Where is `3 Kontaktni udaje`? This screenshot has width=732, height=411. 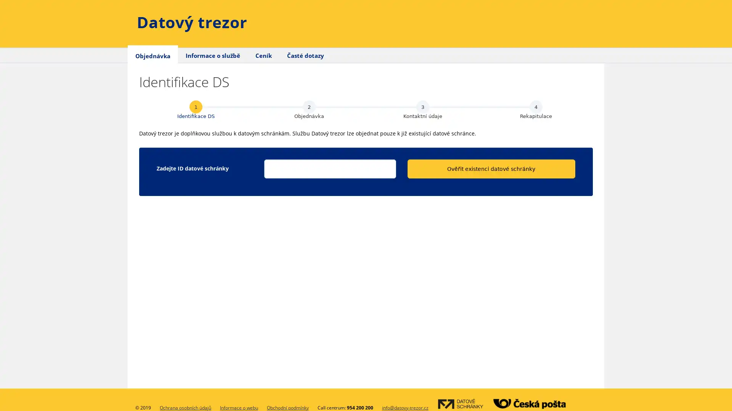
3 Kontaktni udaje is located at coordinates (422, 109).